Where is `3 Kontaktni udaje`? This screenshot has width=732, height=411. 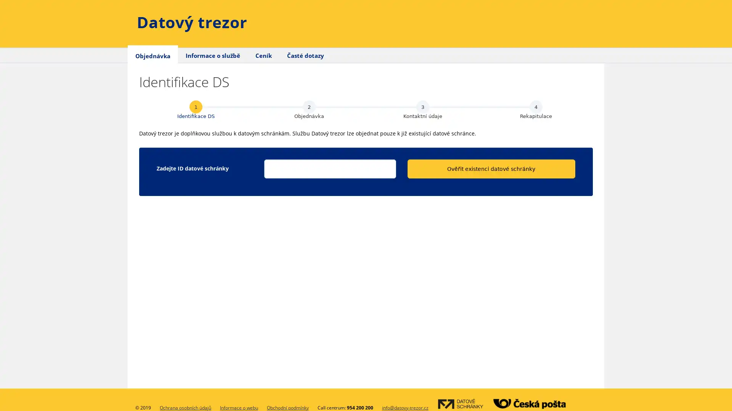
3 Kontaktni udaje is located at coordinates (422, 109).